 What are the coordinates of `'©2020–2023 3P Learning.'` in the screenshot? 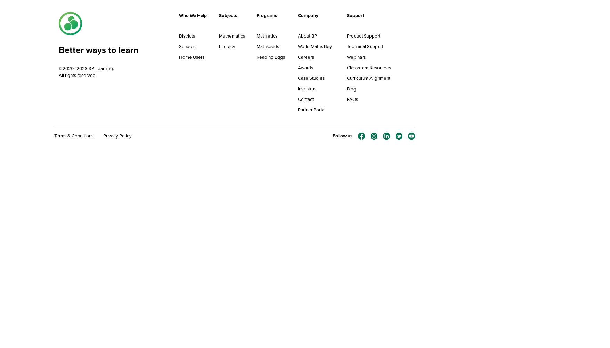 It's located at (58, 68).